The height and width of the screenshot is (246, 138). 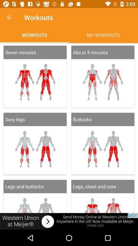 What do you see at coordinates (69, 221) in the screenshot?
I see `advertisement` at bounding box center [69, 221].